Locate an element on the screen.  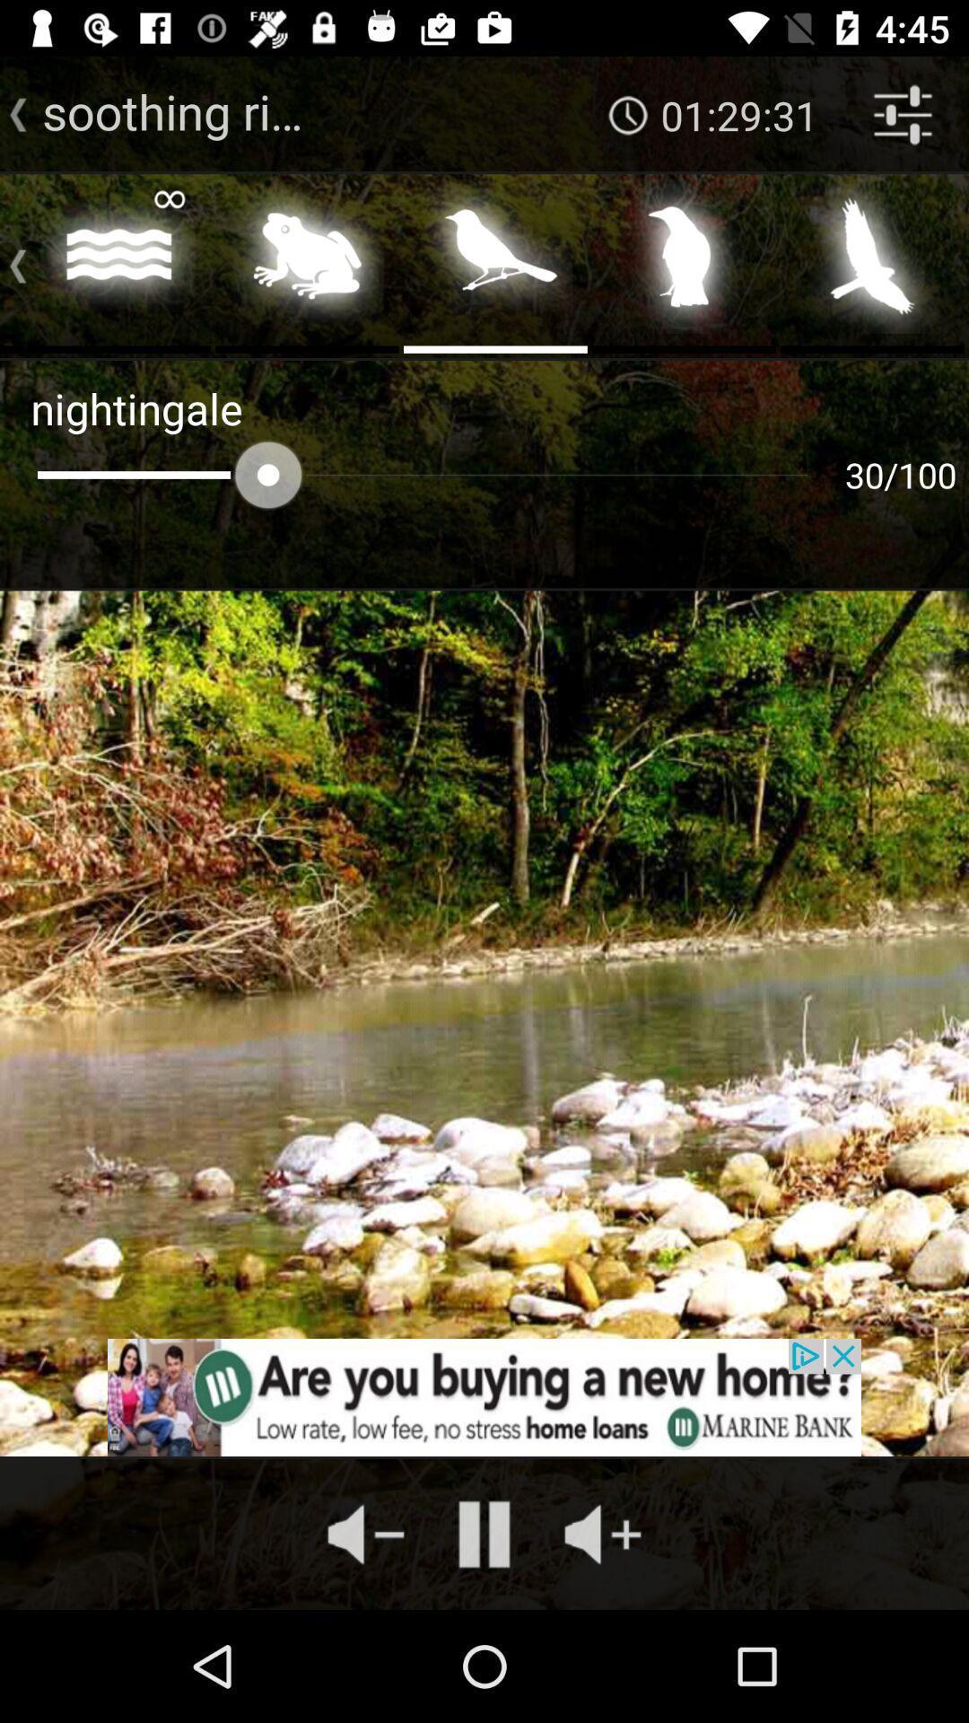
the time icon is located at coordinates (629, 114).